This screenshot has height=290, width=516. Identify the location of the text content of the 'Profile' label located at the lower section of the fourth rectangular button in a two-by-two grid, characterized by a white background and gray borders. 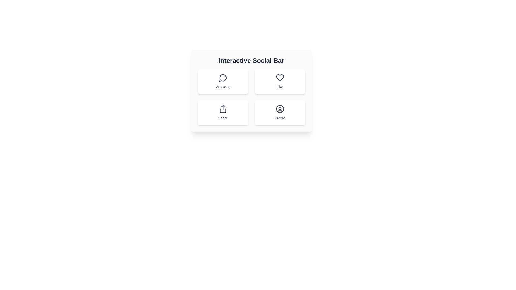
(279, 118).